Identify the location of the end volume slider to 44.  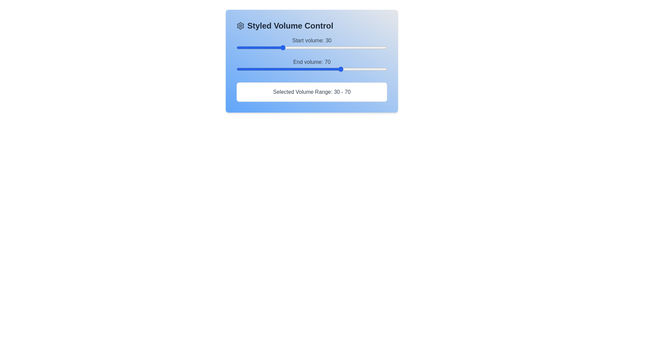
(302, 69).